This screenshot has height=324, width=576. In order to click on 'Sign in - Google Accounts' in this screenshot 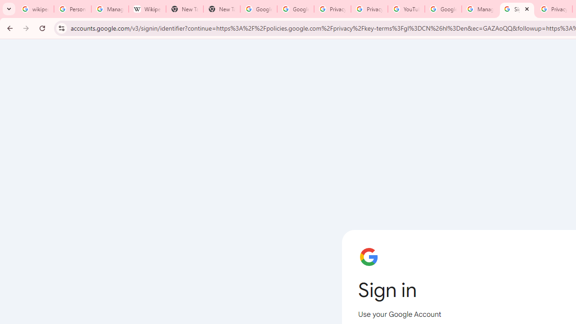, I will do `click(517, 9)`.